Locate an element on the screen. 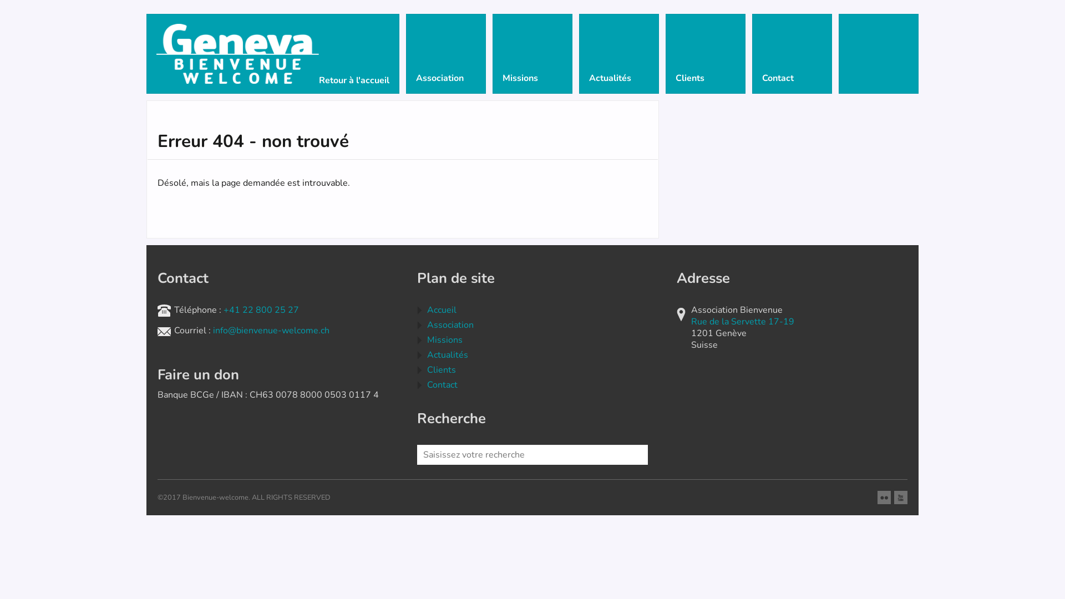  'info@bienvenue-welcome.ch' is located at coordinates (271, 330).